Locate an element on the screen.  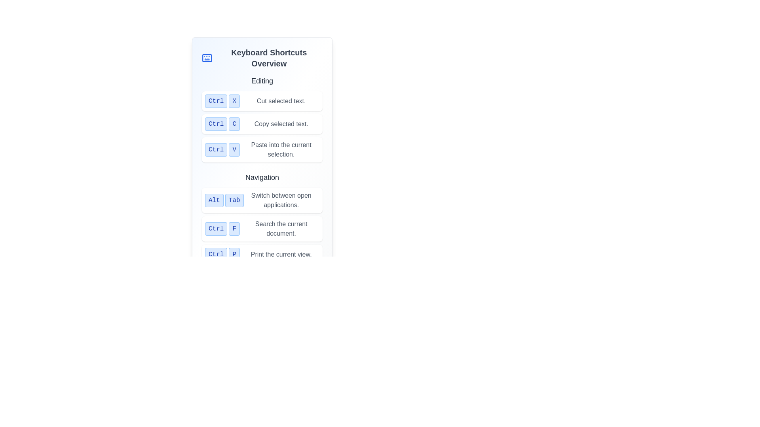
the Information panel that displays the keyboard shortcut 'Ctrl + F' for searching the current document, located in the second row of the Navigation section is located at coordinates (262, 229).